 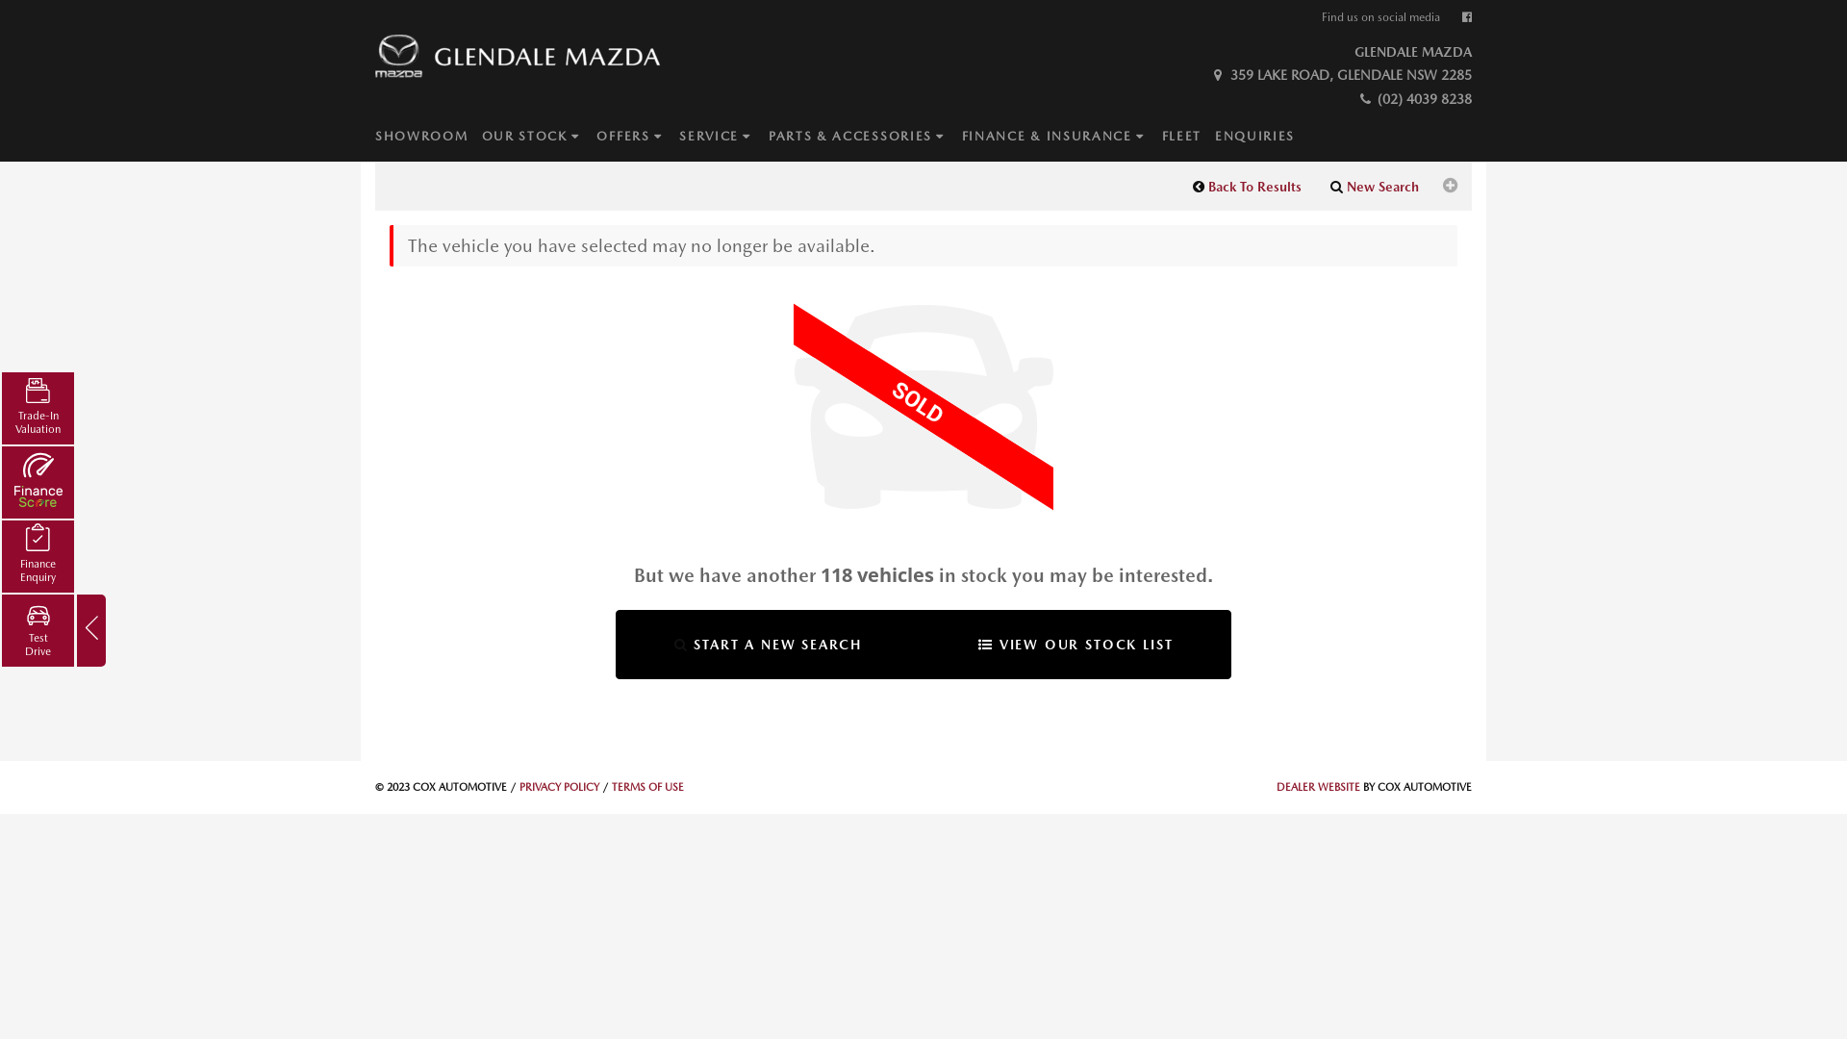 I want to click on 'FLEET', so click(x=1161, y=136).